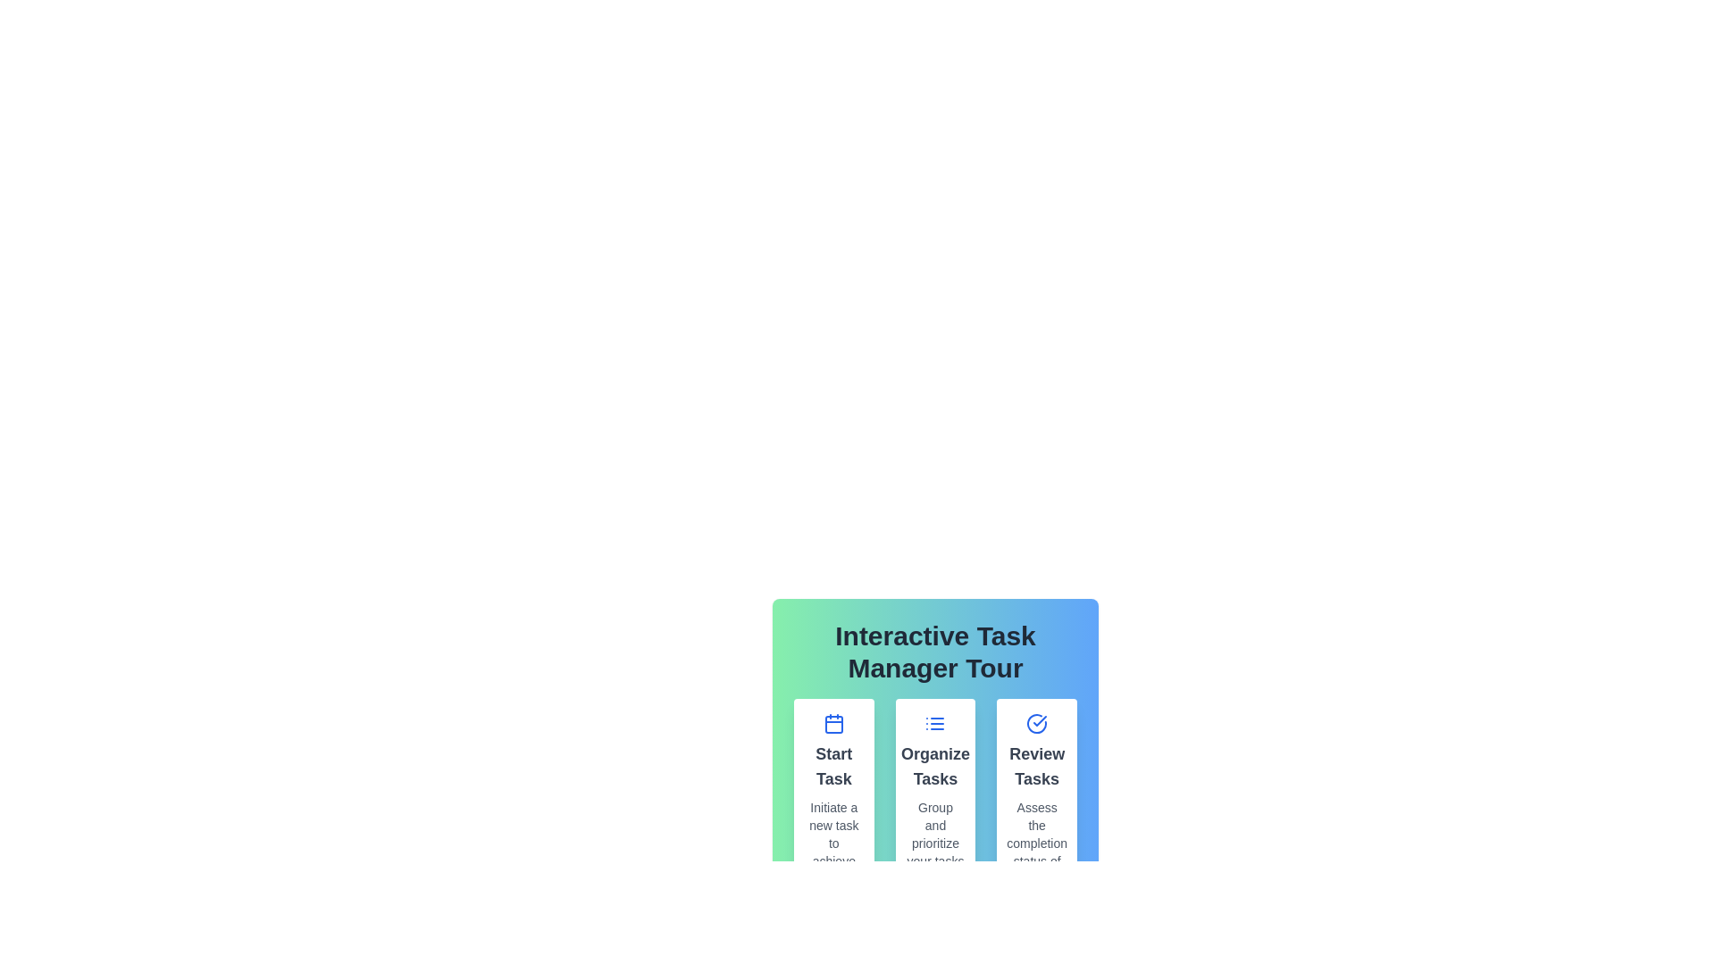 The image size is (1715, 964). What do you see at coordinates (1037, 766) in the screenshot?
I see `the 'Review Tasks' text label` at bounding box center [1037, 766].